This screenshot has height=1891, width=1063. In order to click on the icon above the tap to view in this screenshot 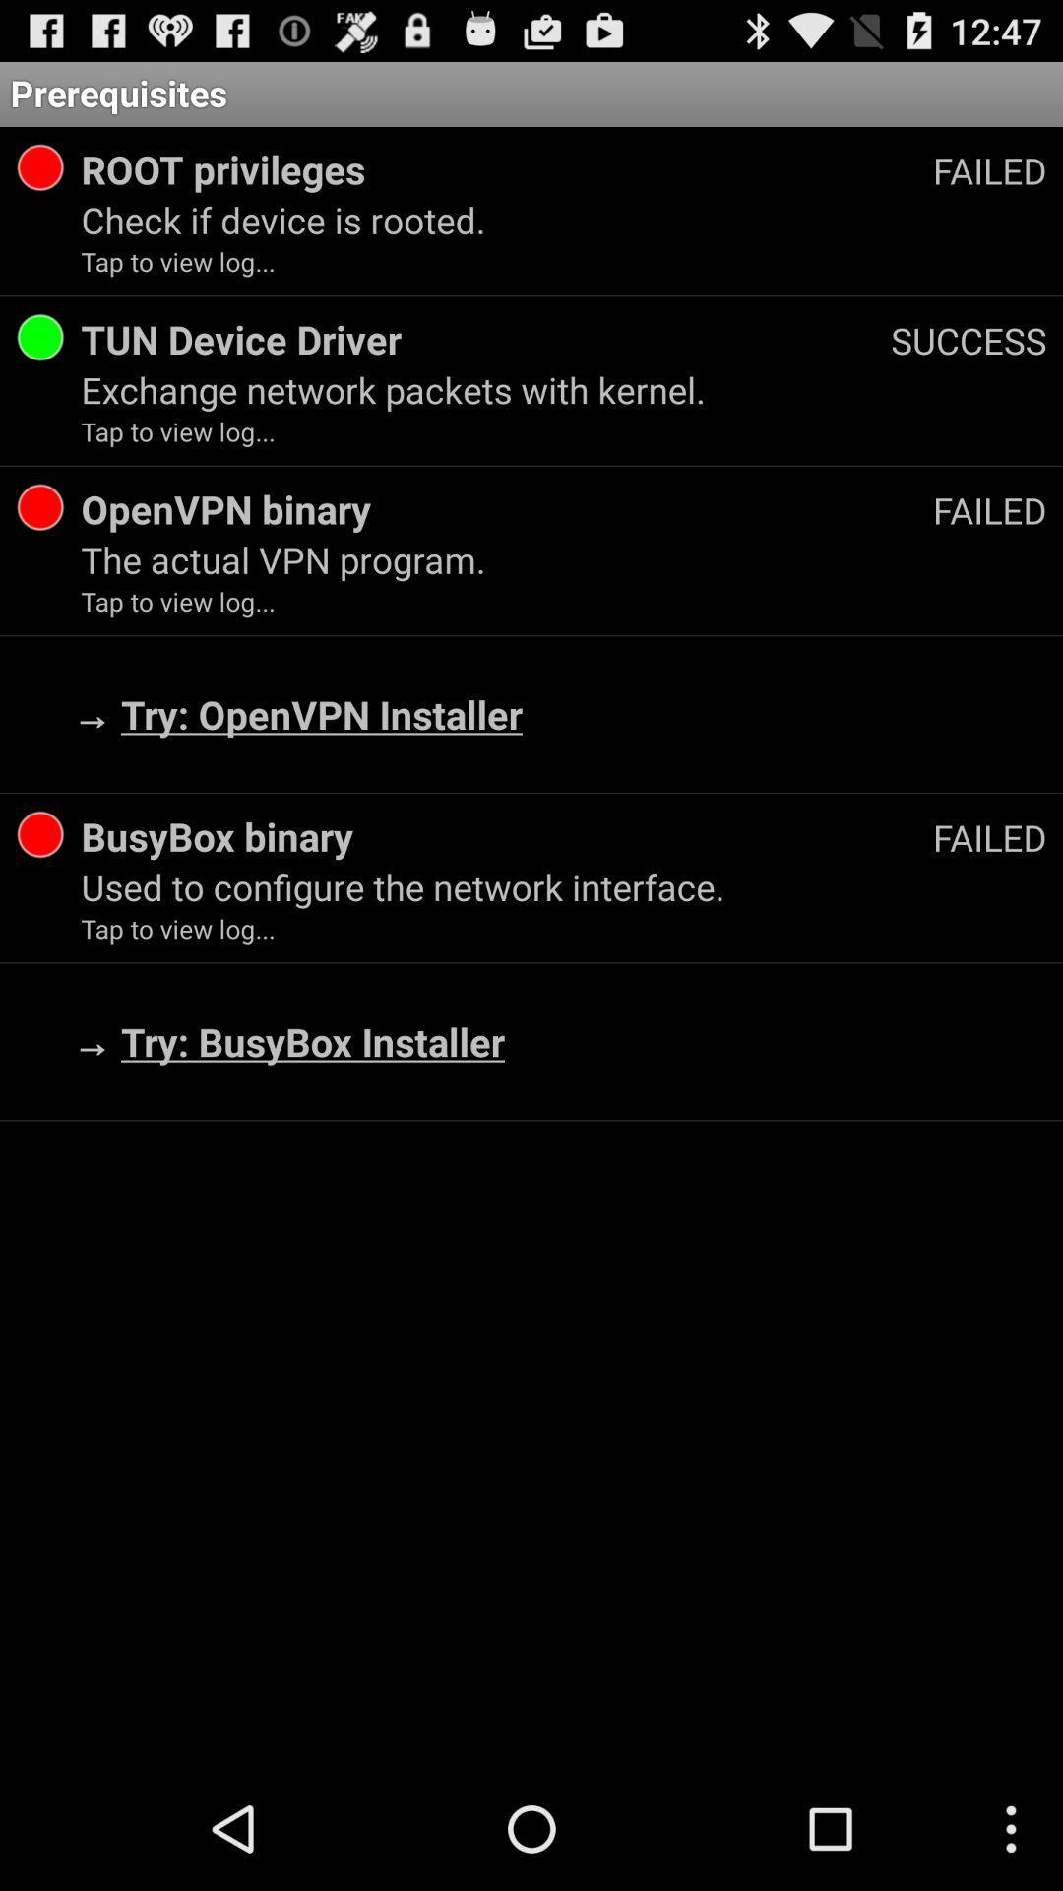, I will do `click(564, 558)`.